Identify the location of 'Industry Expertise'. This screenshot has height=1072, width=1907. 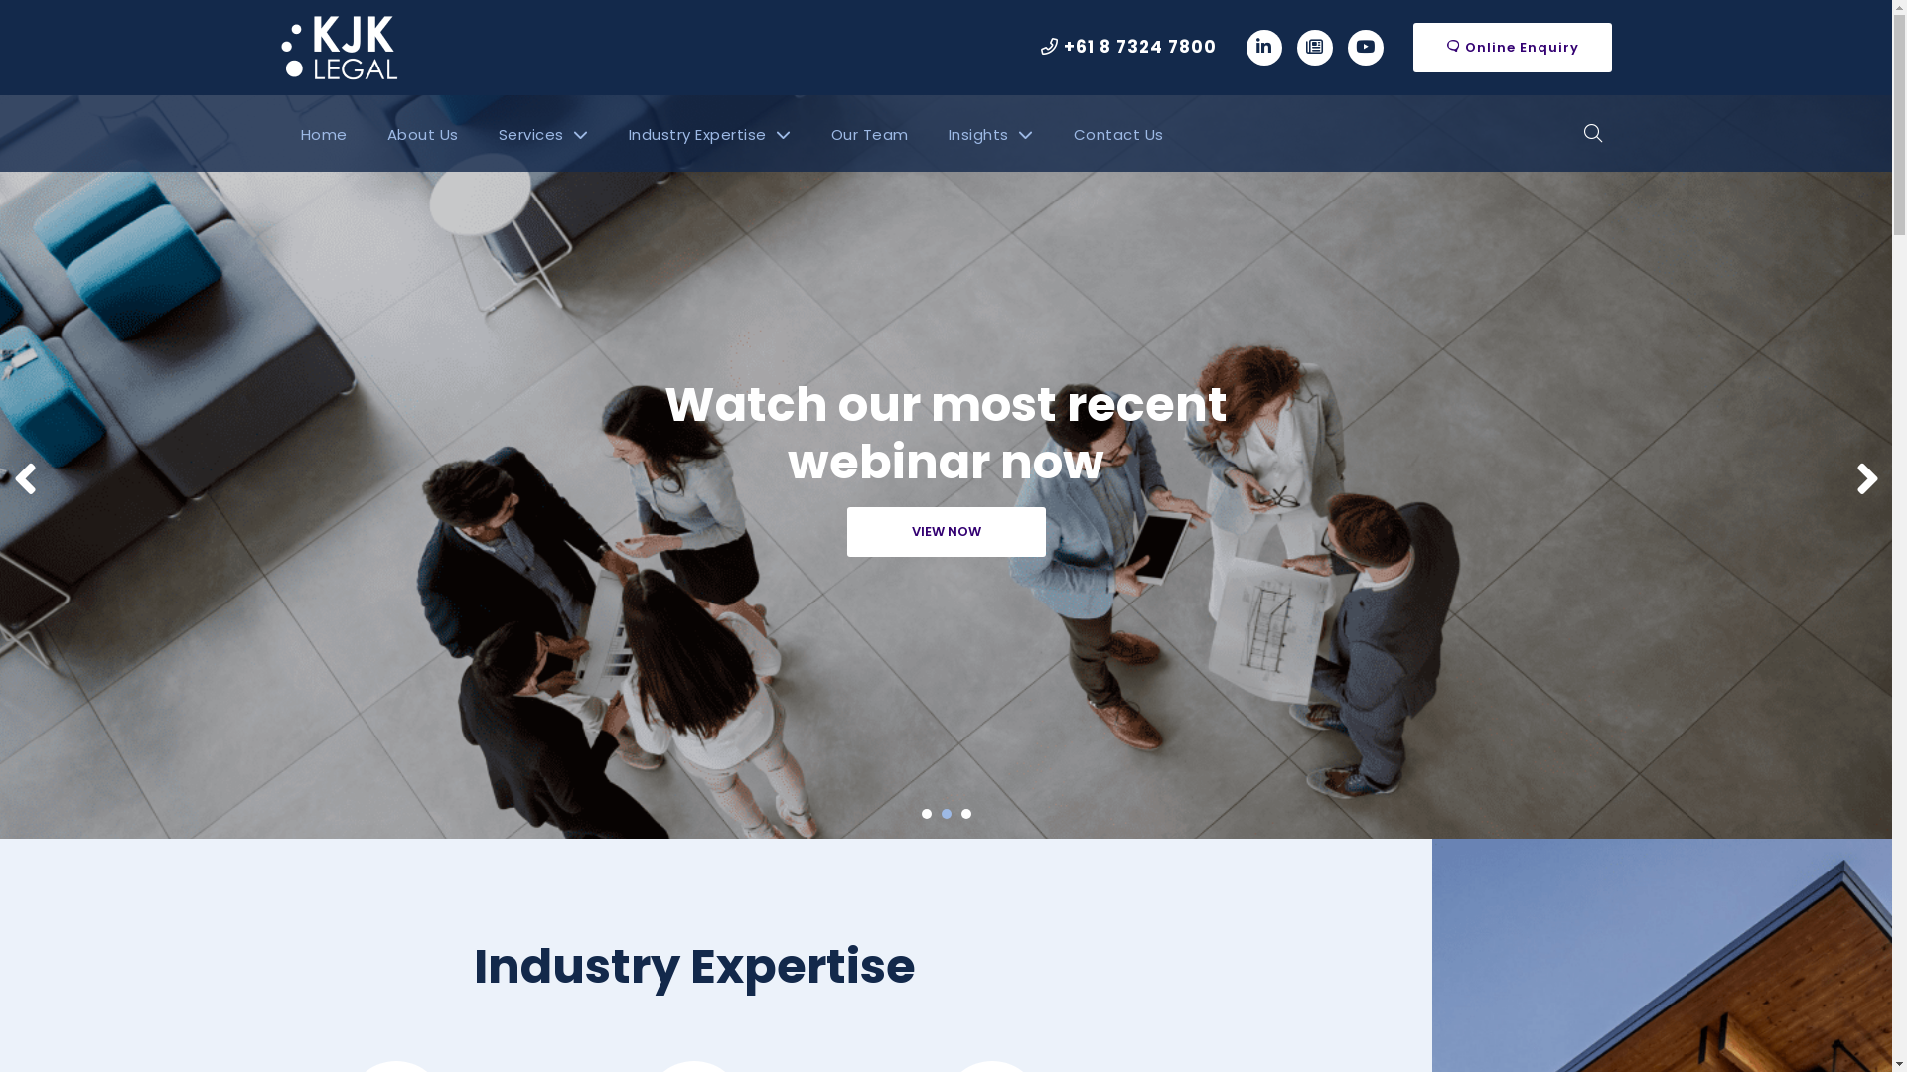
(709, 134).